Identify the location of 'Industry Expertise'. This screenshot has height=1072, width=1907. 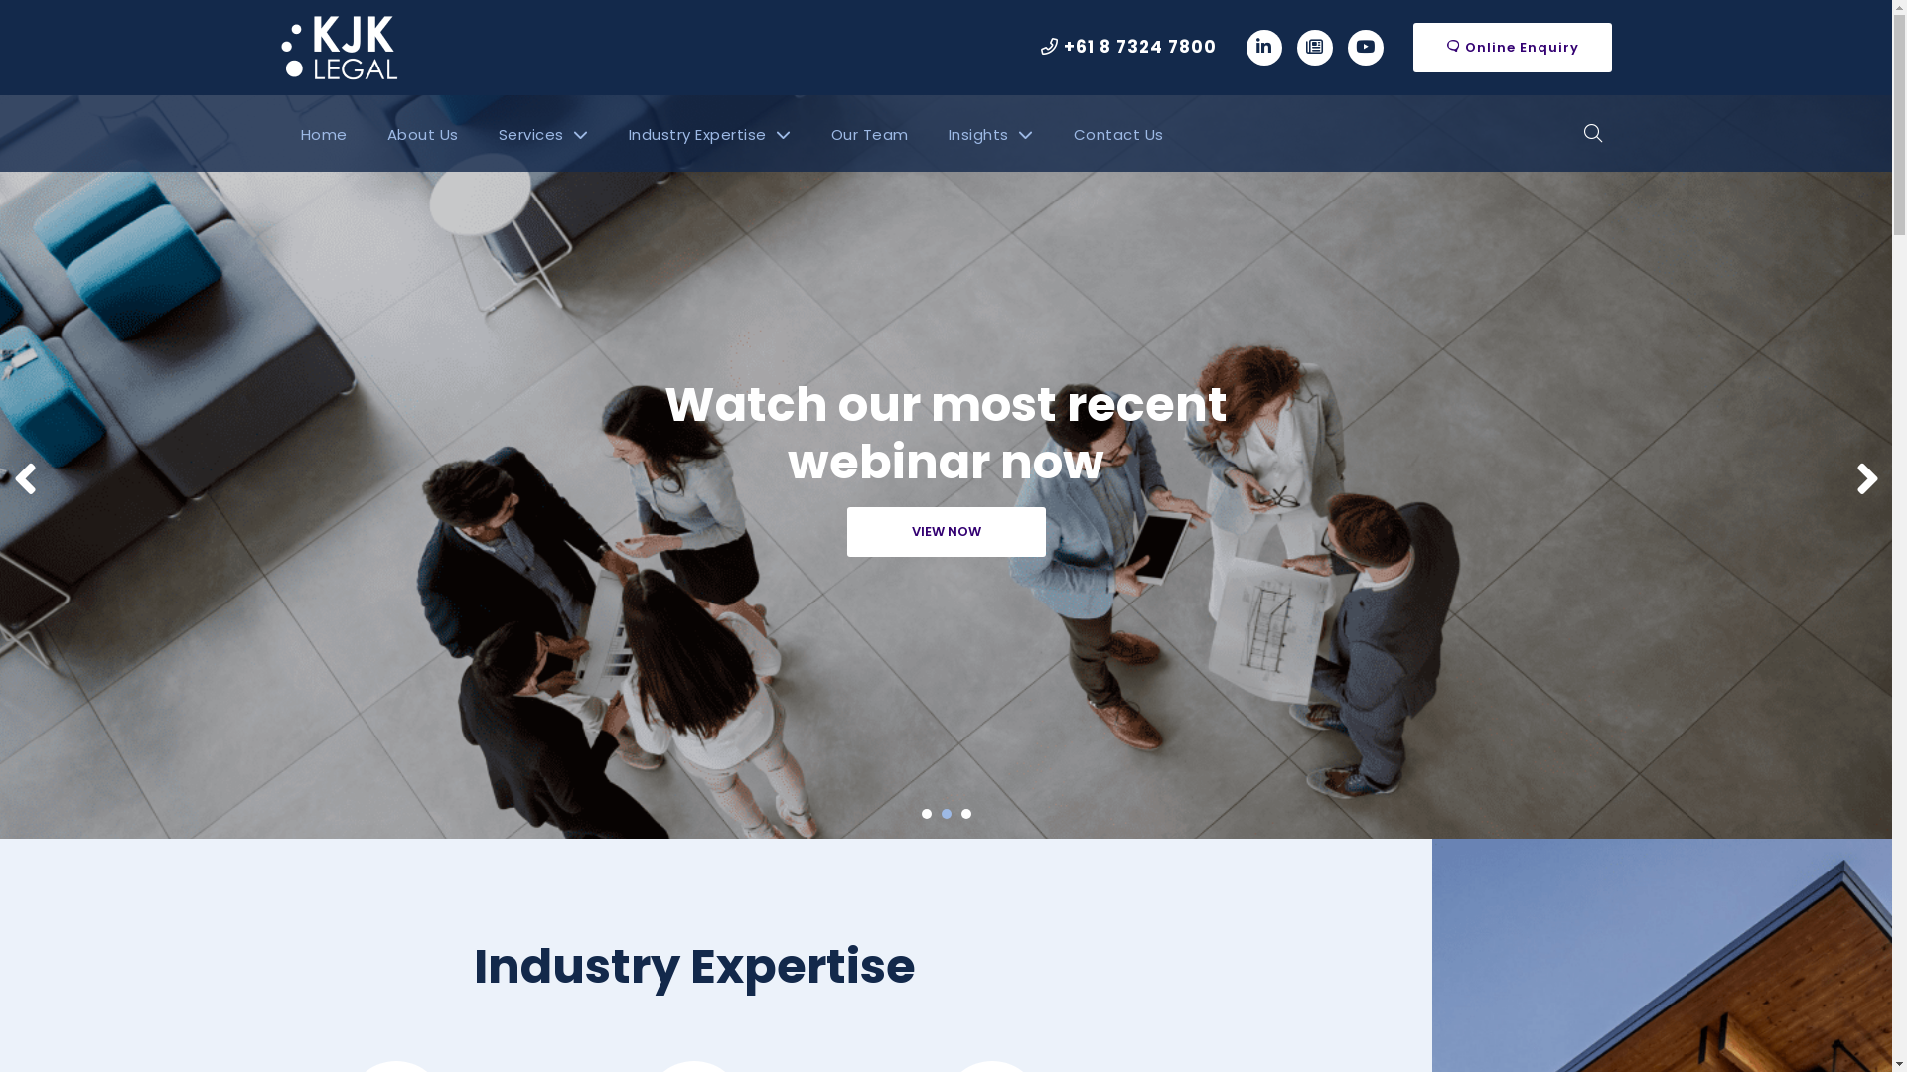
(709, 134).